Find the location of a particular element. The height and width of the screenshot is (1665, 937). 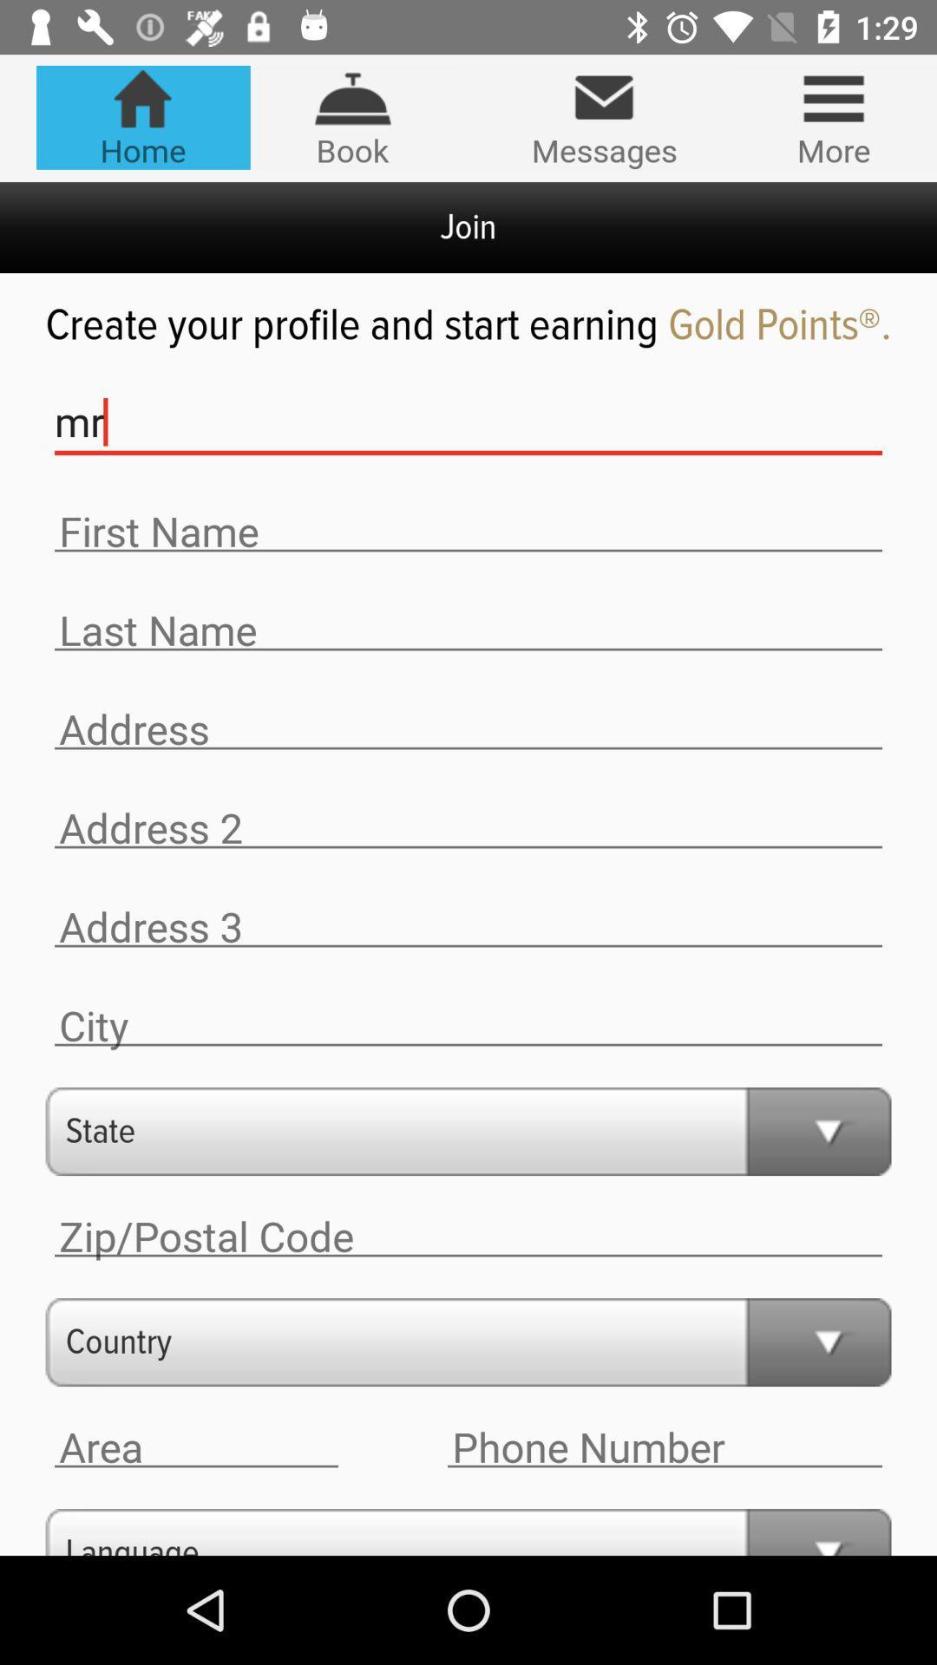

address is located at coordinates (468, 729).